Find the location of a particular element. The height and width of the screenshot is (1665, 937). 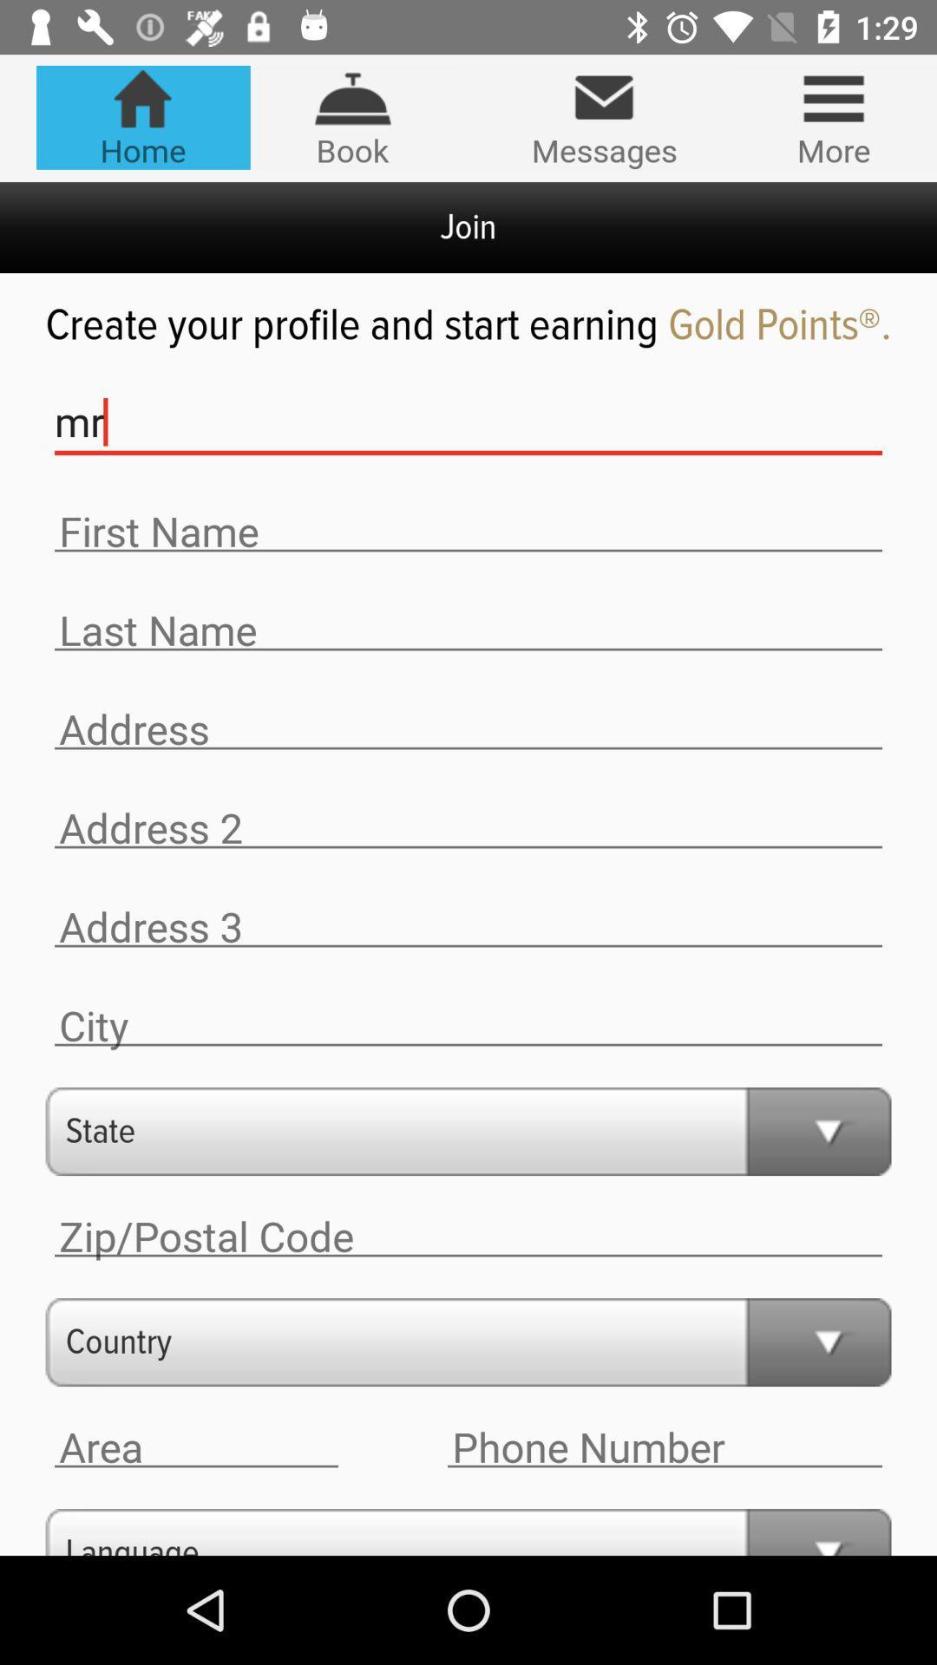

address is located at coordinates (468, 729).